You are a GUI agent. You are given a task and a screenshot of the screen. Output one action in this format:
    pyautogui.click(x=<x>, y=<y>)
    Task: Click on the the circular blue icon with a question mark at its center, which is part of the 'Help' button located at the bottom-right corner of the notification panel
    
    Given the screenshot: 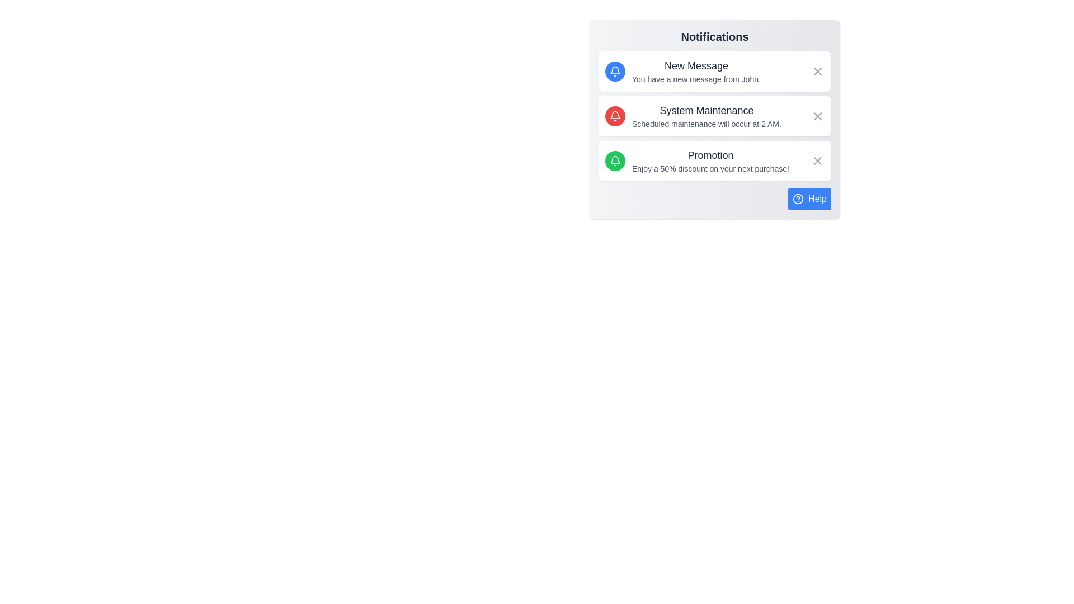 What is the action you would take?
    pyautogui.click(x=798, y=198)
    